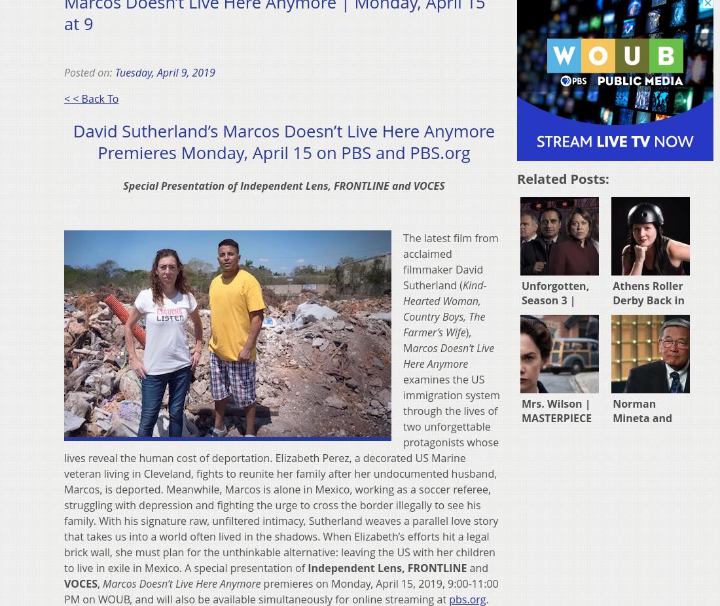  I want to click on 'Related posts:', so click(562, 178).